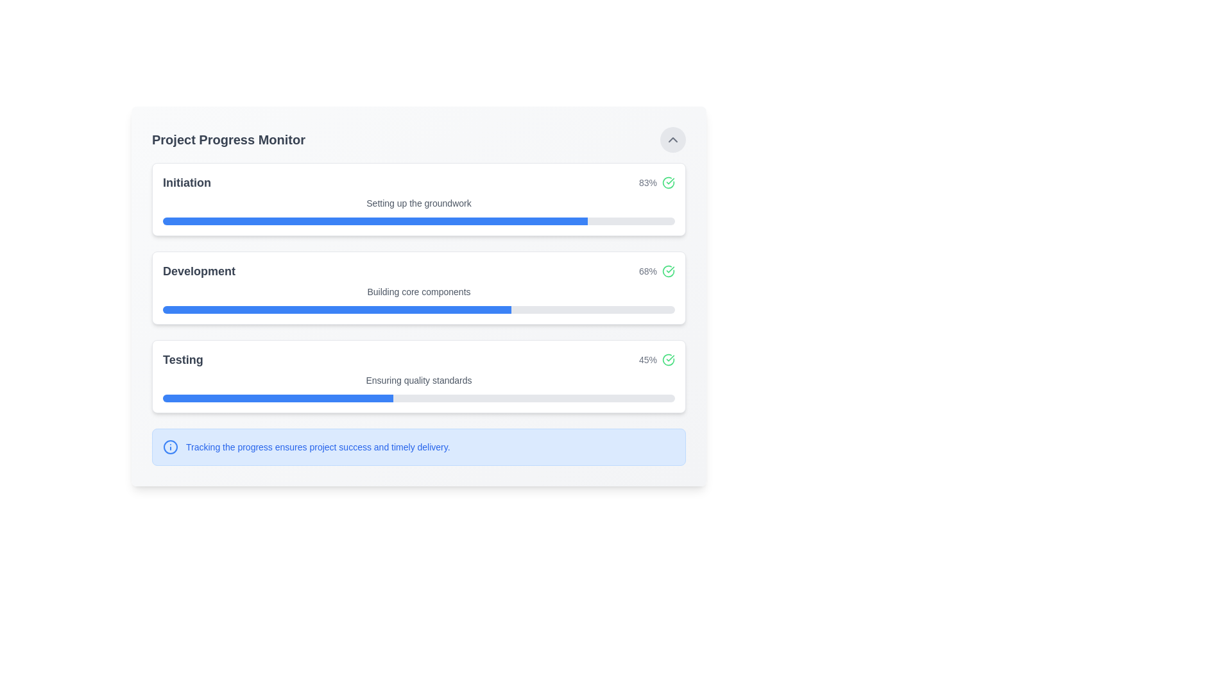 Image resolution: width=1232 pixels, height=693 pixels. Describe the element at coordinates (375, 220) in the screenshot. I see `the progress bar representing the 'Initiation' phase, which shows 83% completion in the 'Project Progress Monitor' interface` at that location.